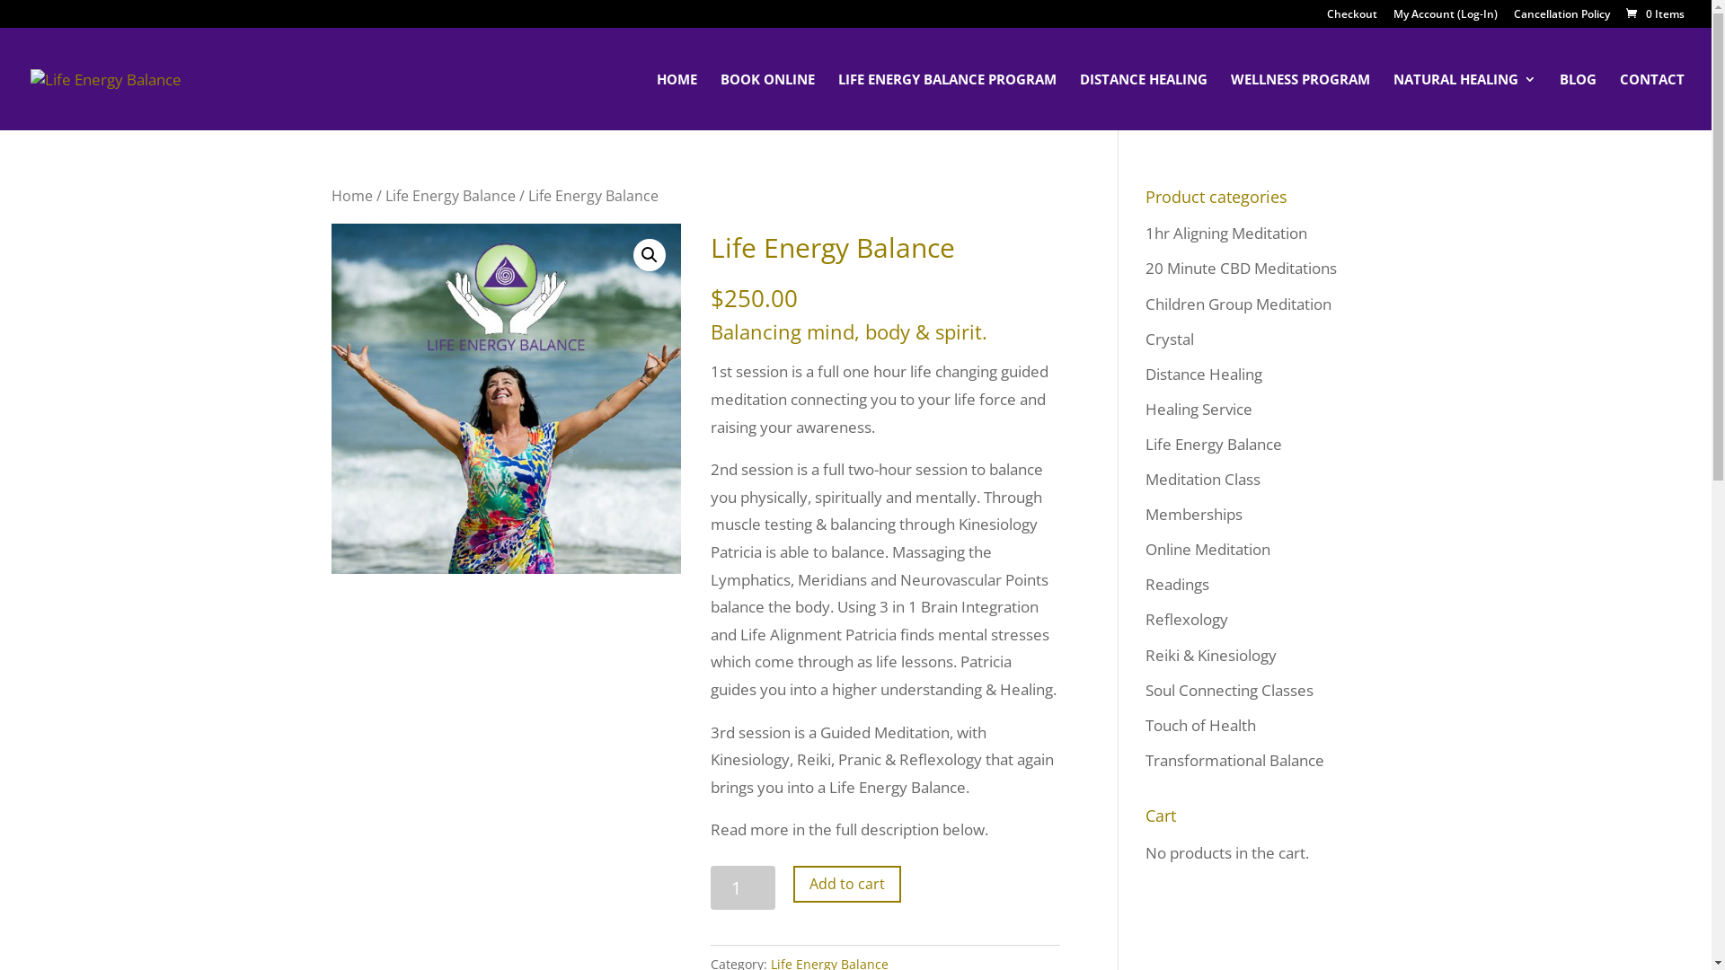 Image resolution: width=1725 pixels, height=970 pixels. I want to click on 'Meditation Class', so click(1143, 478).